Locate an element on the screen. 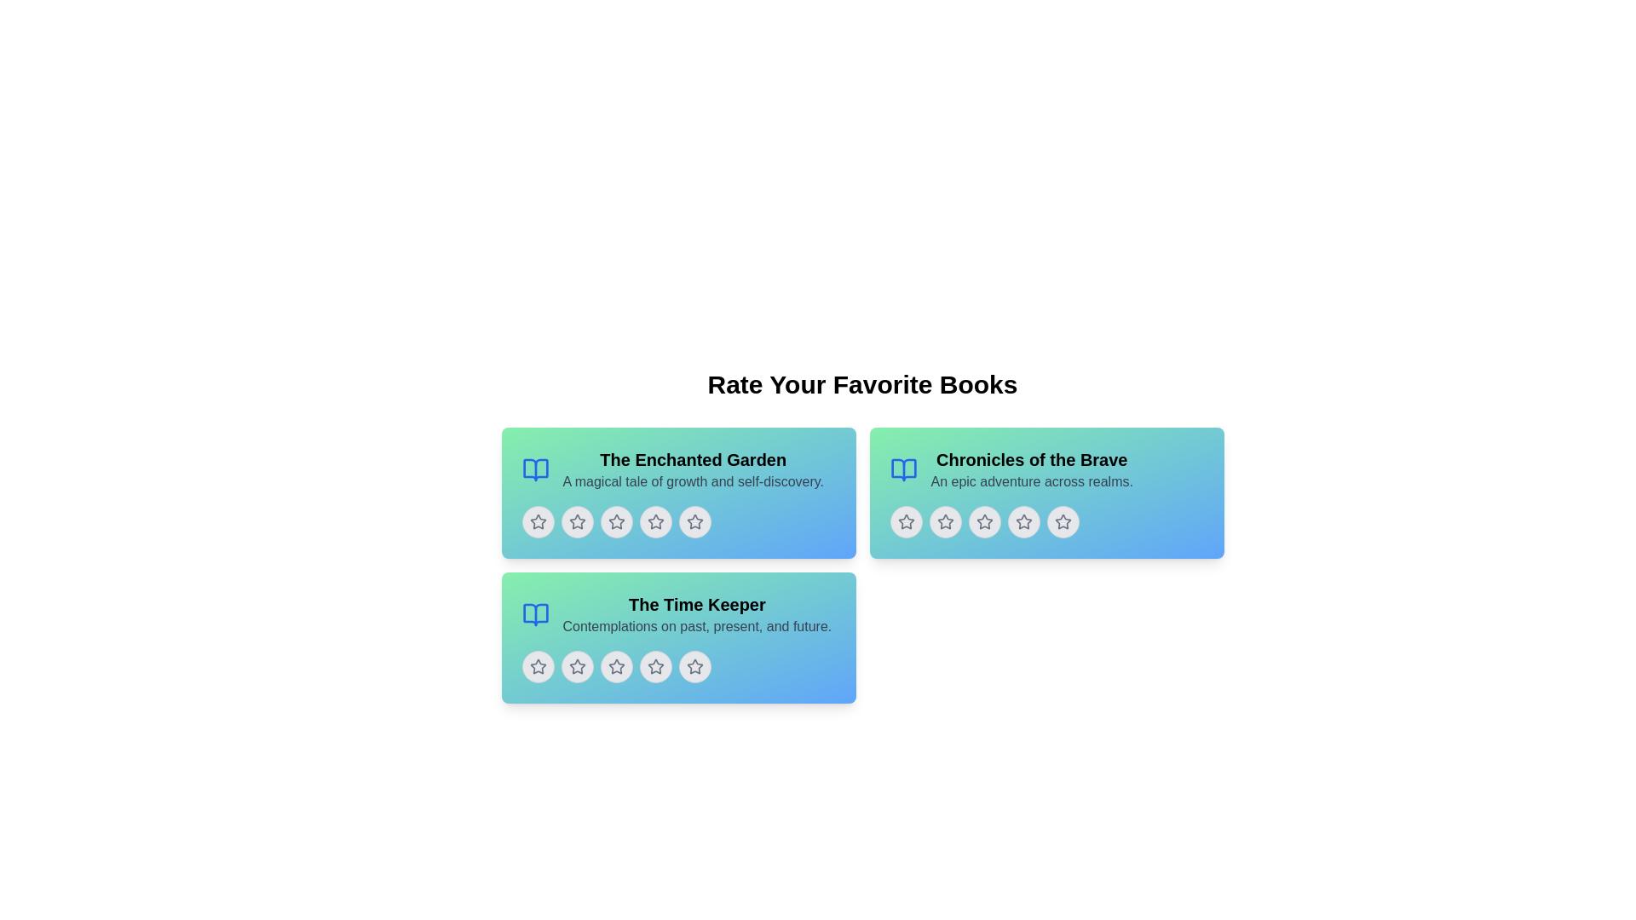  the third star icon in the rating stars of the 'Chronicles of the Brave' section, which is styled as an unselected rating star with a gray outline and transparent center is located at coordinates (984, 521).